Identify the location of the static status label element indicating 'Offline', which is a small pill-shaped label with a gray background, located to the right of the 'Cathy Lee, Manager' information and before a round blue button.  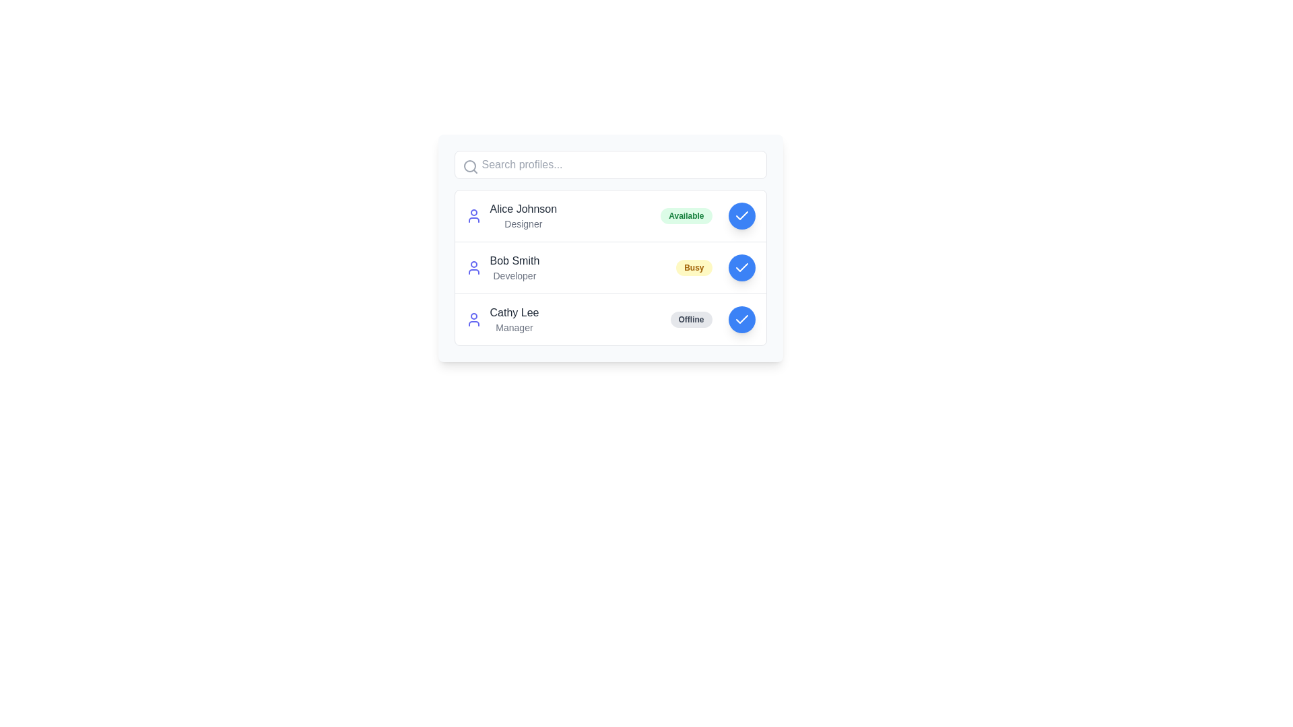
(691, 319).